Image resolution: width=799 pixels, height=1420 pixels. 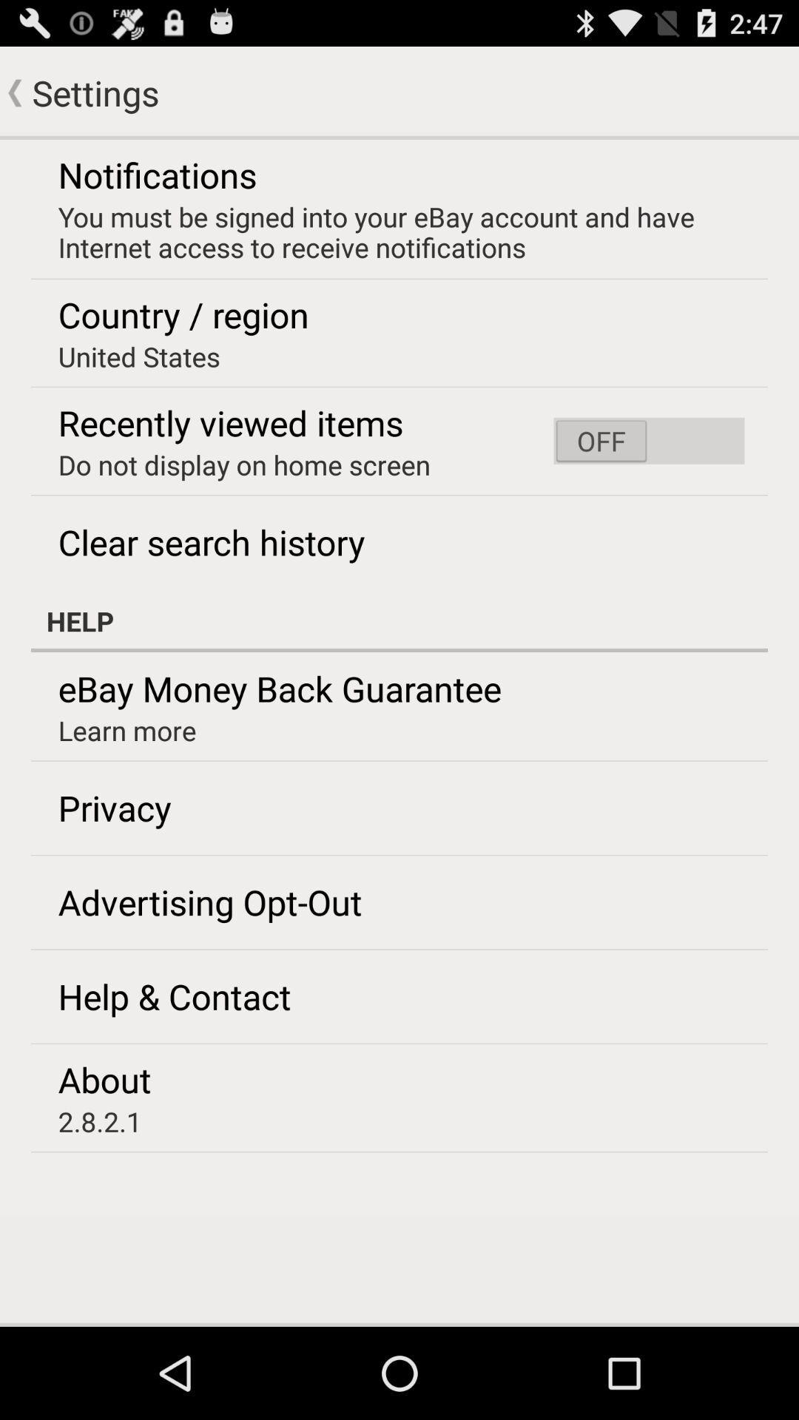 What do you see at coordinates (210, 901) in the screenshot?
I see `the icon above help & contact` at bounding box center [210, 901].